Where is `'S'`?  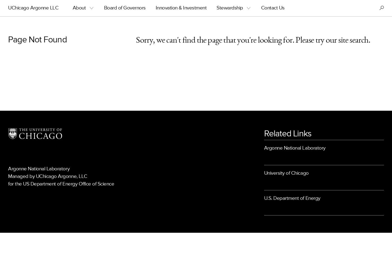
'S' is located at coordinates (386, 8).